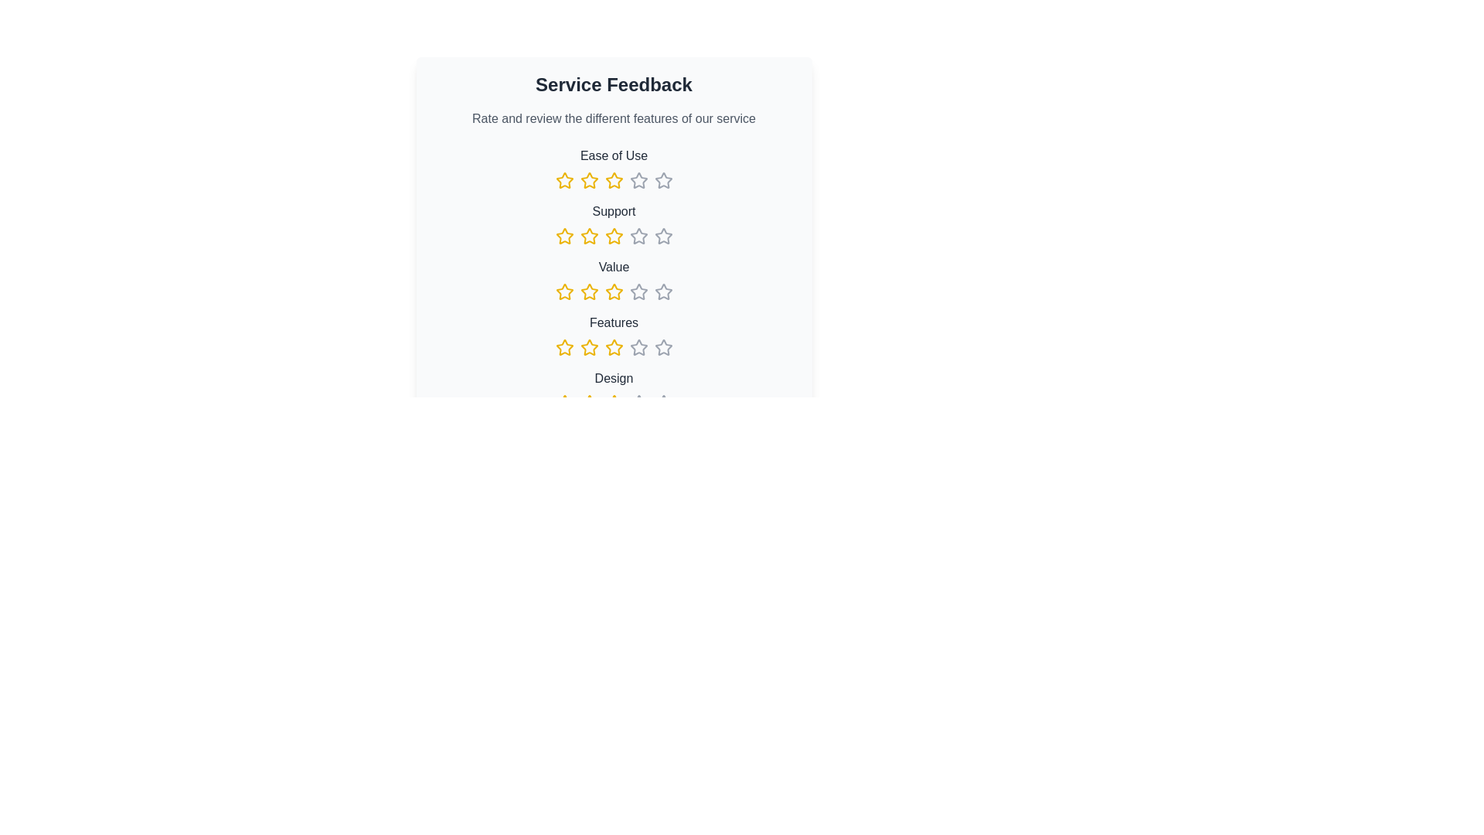  I want to click on the fourth SVG star icon in the rating component, so click(663, 179).